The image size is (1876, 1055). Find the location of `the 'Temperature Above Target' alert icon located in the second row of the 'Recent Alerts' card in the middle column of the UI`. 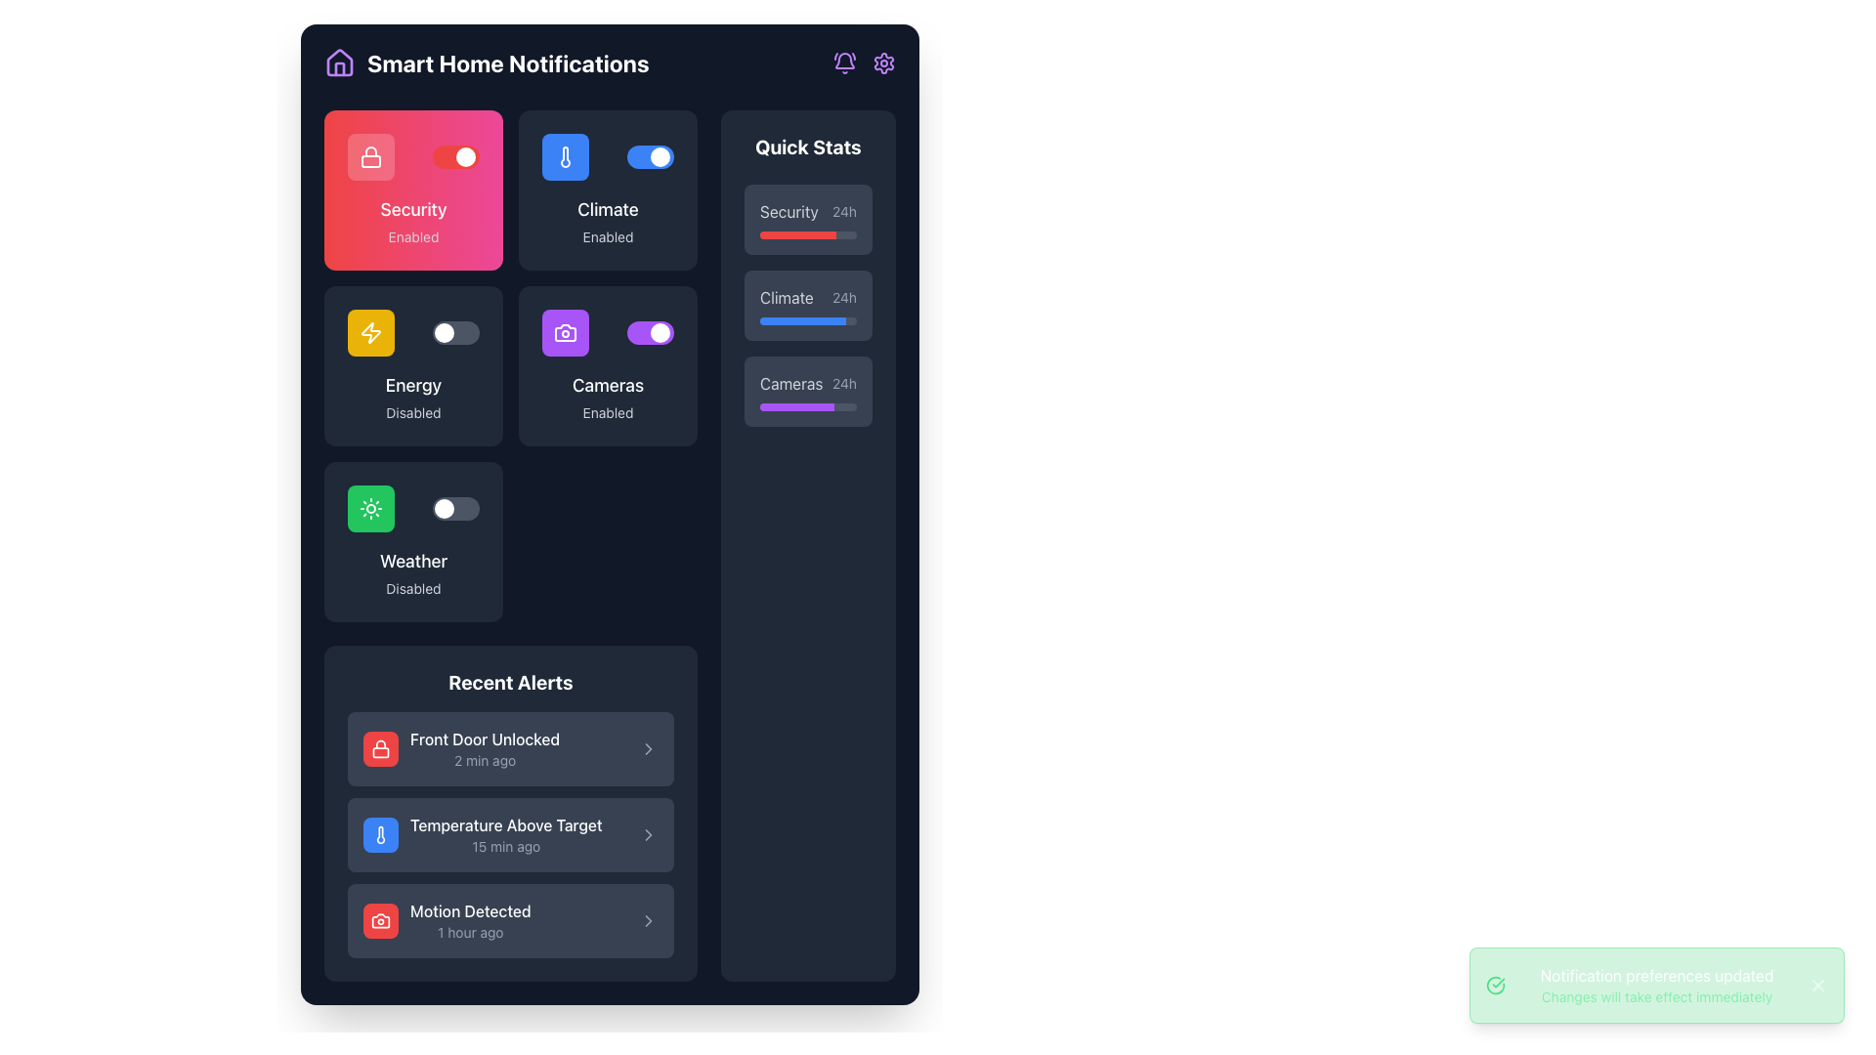

the 'Temperature Above Target' alert icon located in the second row of the 'Recent Alerts' card in the middle column of the UI is located at coordinates (380, 835).